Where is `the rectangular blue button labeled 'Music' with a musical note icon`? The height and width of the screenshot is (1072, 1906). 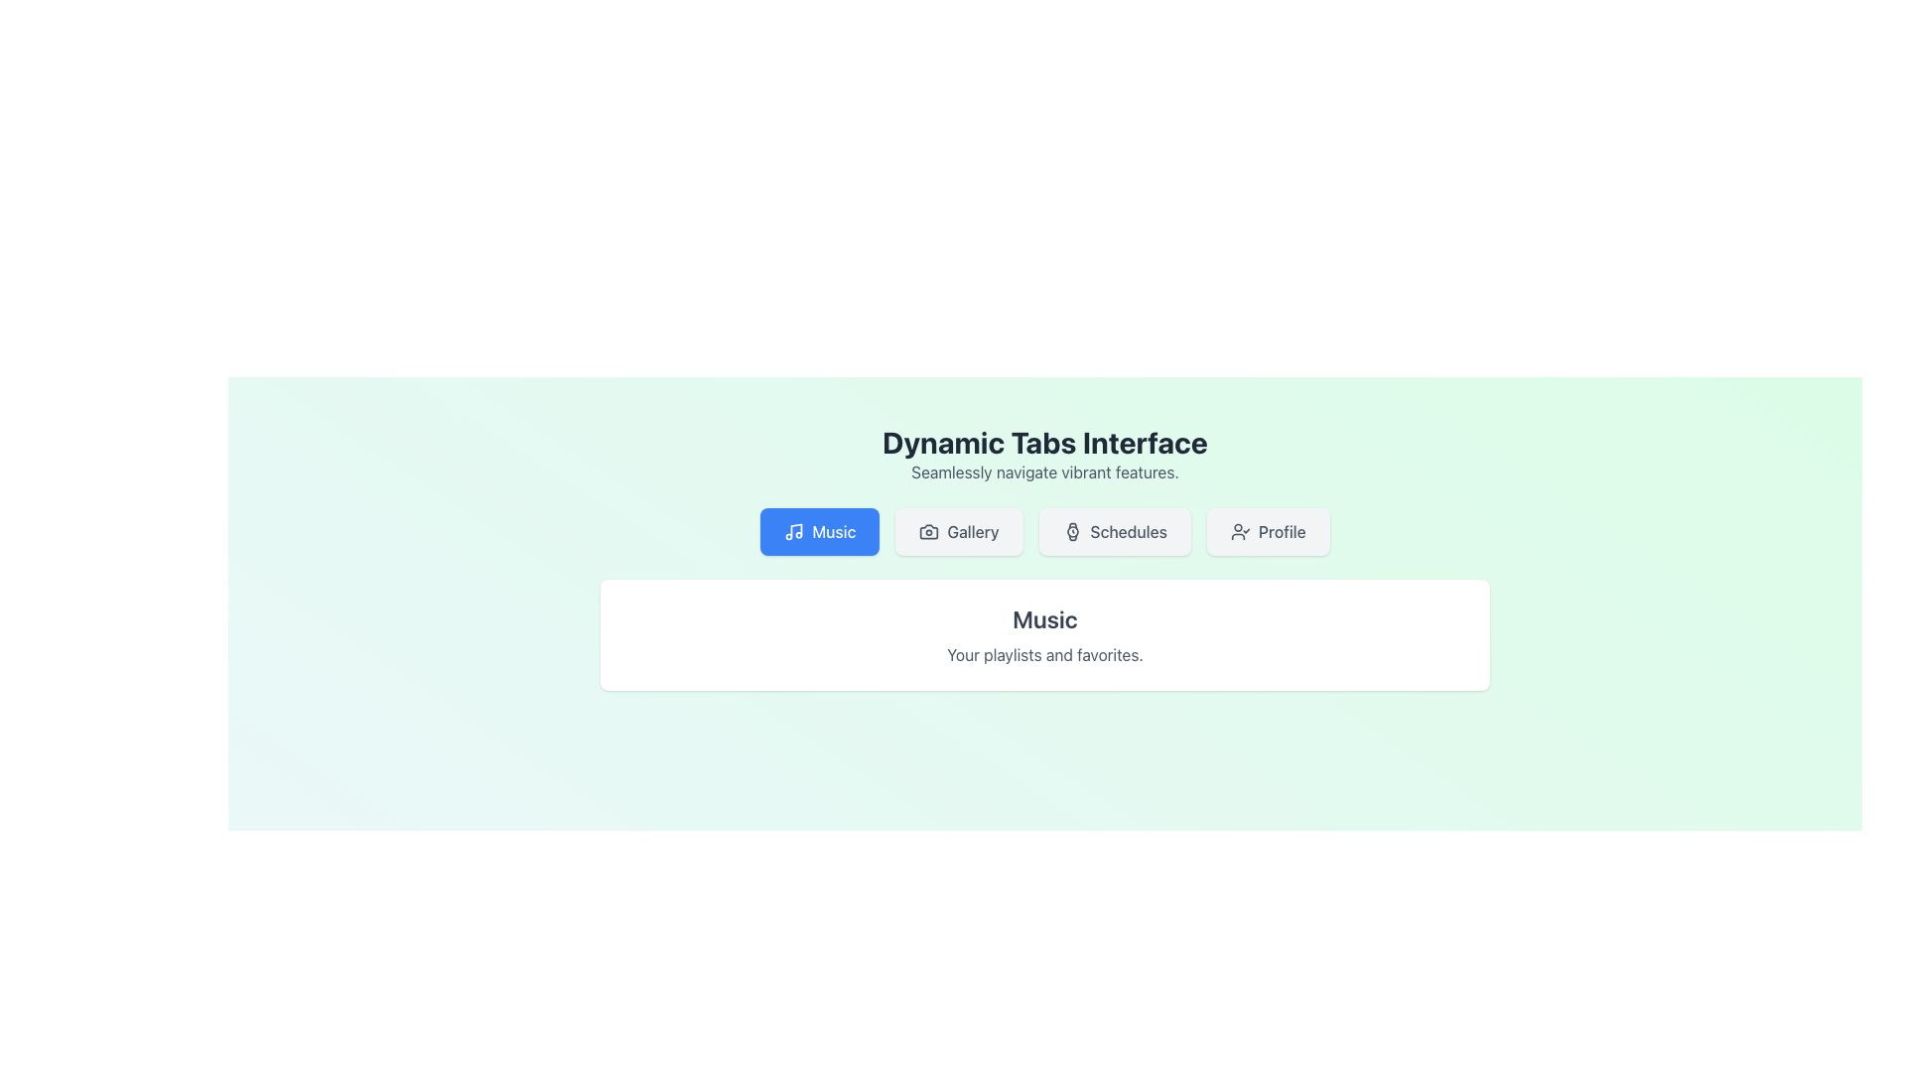 the rectangular blue button labeled 'Music' with a musical note icon is located at coordinates (820, 531).